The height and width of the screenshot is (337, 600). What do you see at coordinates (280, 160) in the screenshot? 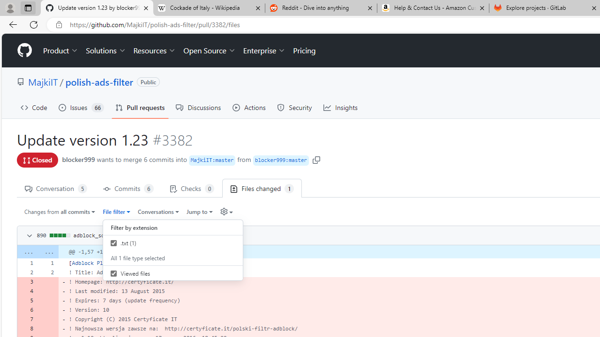
I see `'blocker999 : master'` at bounding box center [280, 160].